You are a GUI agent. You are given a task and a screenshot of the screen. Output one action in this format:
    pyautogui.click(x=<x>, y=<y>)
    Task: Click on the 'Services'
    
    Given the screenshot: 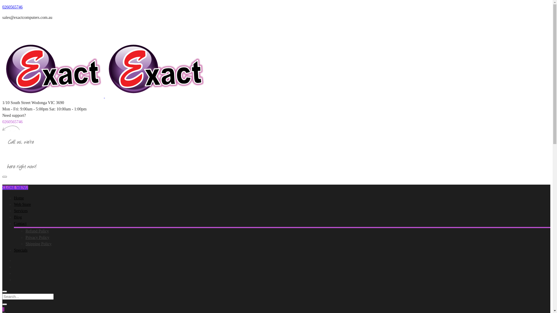 What is the action you would take?
    pyautogui.click(x=14, y=211)
    